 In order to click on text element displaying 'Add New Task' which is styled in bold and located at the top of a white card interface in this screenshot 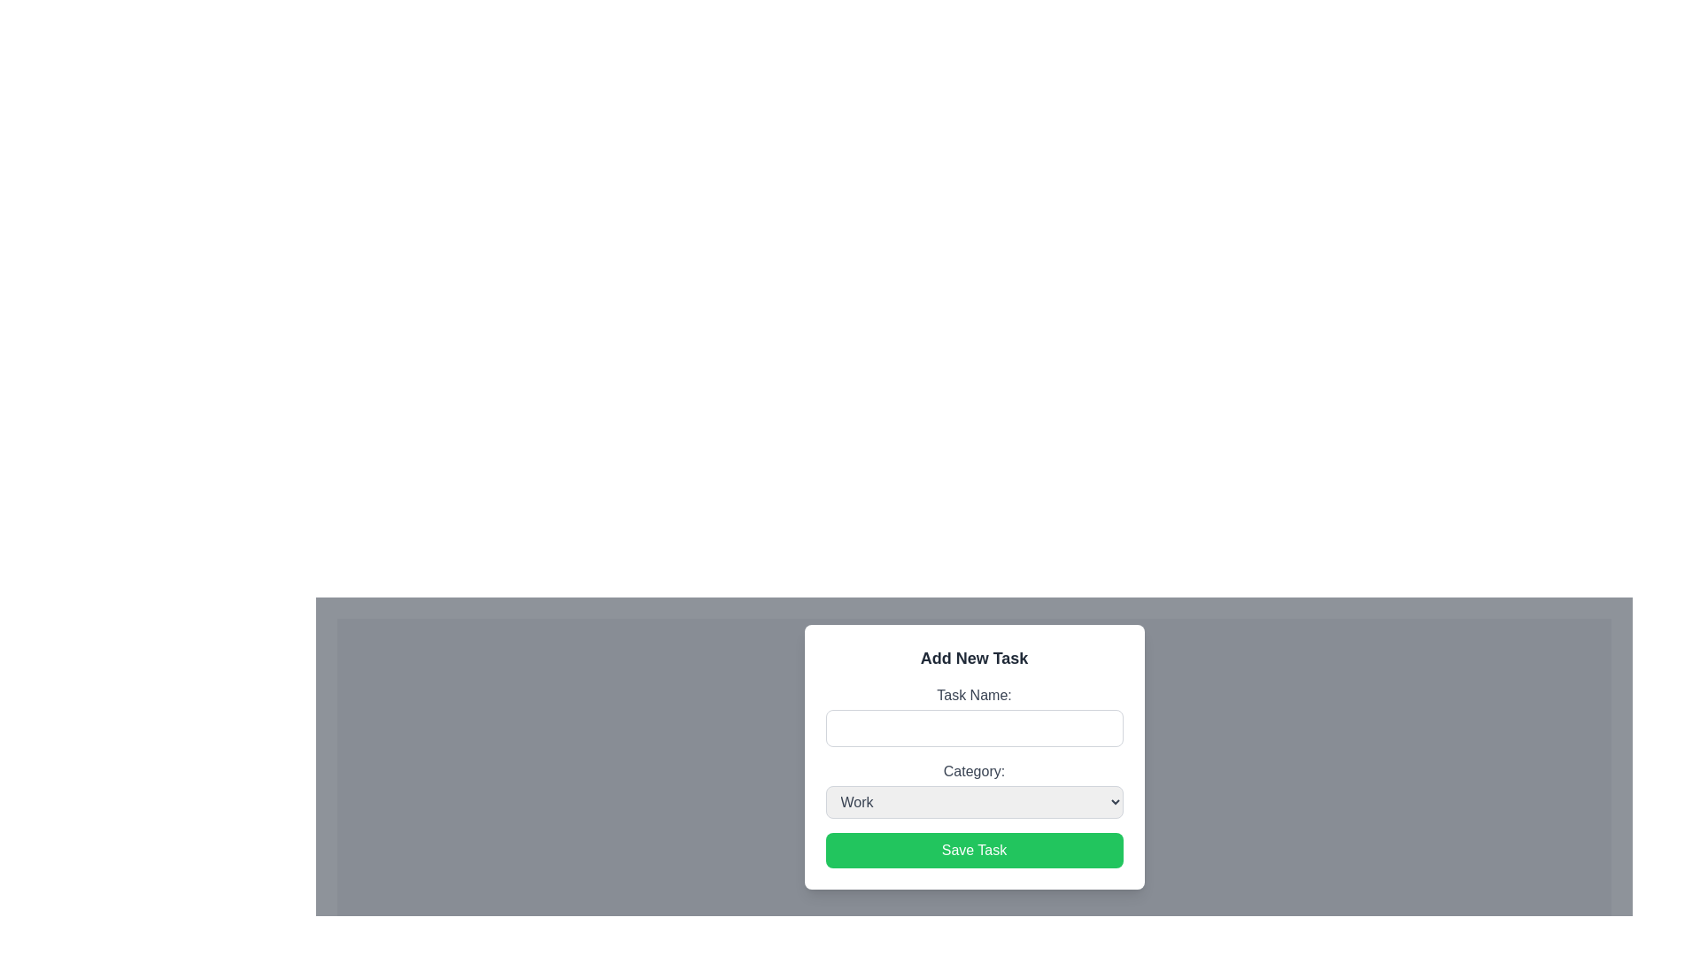, I will do `click(973, 658)`.